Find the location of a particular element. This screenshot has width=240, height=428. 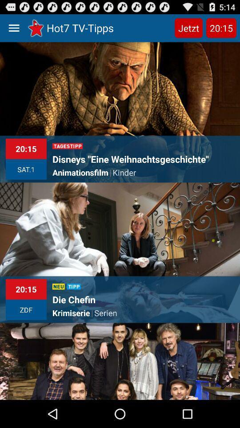

jetzt is located at coordinates (188, 28).